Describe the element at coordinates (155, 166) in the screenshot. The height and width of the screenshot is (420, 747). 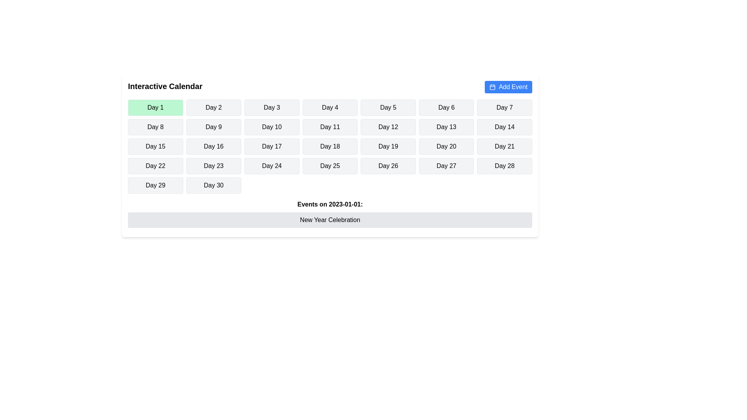
I see `the button labeled 'Day 22' located` at that location.